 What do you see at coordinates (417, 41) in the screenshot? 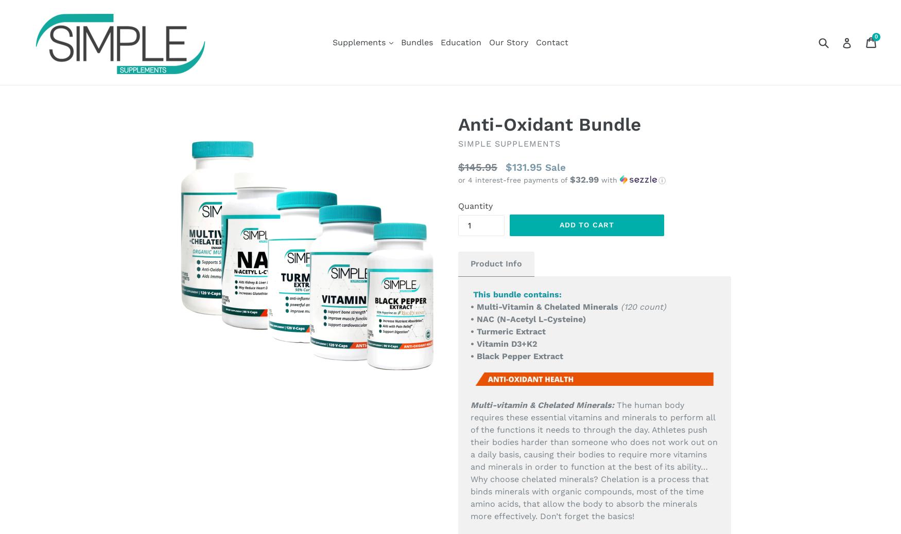
I see `'Bundles'` at bounding box center [417, 41].